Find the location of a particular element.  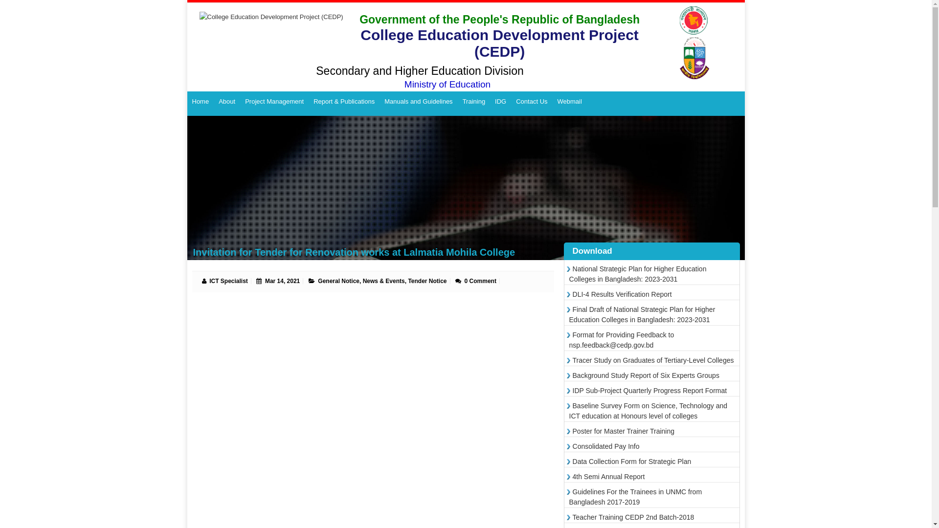

'0 Comment' is located at coordinates (480, 281).